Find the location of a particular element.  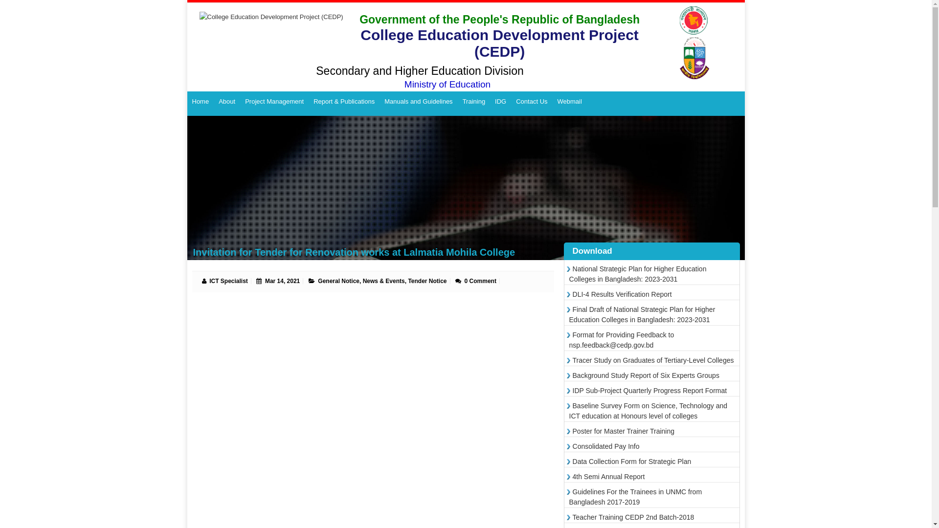

'0 Comment' is located at coordinates (480, 281).